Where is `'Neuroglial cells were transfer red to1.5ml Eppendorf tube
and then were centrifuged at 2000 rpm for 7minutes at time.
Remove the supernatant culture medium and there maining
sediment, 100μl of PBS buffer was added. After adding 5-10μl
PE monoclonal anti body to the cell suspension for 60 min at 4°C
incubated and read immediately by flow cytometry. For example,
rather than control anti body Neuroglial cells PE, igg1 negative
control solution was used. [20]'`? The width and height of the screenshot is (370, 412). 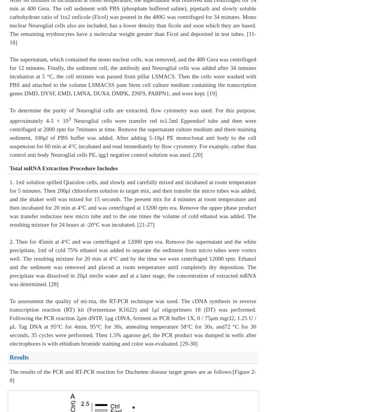
'Neuroglial cells were transfer red to1.5ml Eppendorf tube
and then were centrifuged at 2000 rpm for 7minutes at time.
Remove the supernatant culture medium and there maining
sediment, 100μl of PBS buffer was added. After adding 5-10μl
PE monoclonal anti body to the cell suspension for 60 min at 4°C
incubated and read immediately by flow cytometry. For example,
rather than control anti body Neuroglial cells PE, igg1 negative
control solution was used. [20]' is located at coordinates (133, 137).